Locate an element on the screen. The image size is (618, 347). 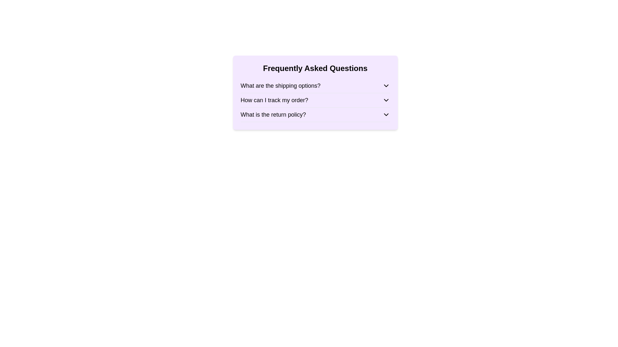
the chevron icon used to expand or collapse the FAQ section for 'What is the return policy?' located in the third row of the FAQ table is located at coordinates (386, 114).